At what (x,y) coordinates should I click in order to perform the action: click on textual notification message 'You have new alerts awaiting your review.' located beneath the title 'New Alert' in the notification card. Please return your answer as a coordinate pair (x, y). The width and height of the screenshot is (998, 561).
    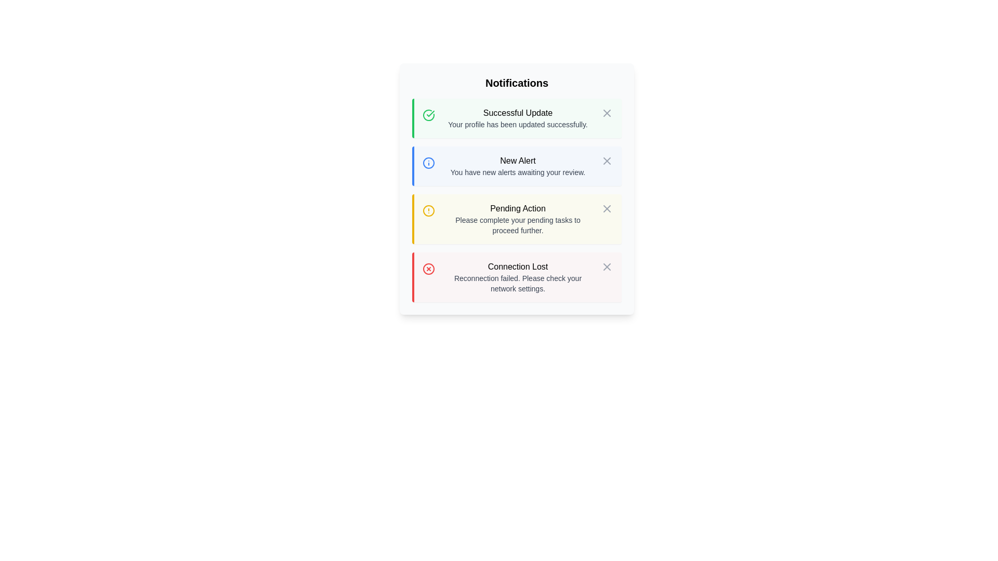
    Looking at the image, I should click on (518, 171).